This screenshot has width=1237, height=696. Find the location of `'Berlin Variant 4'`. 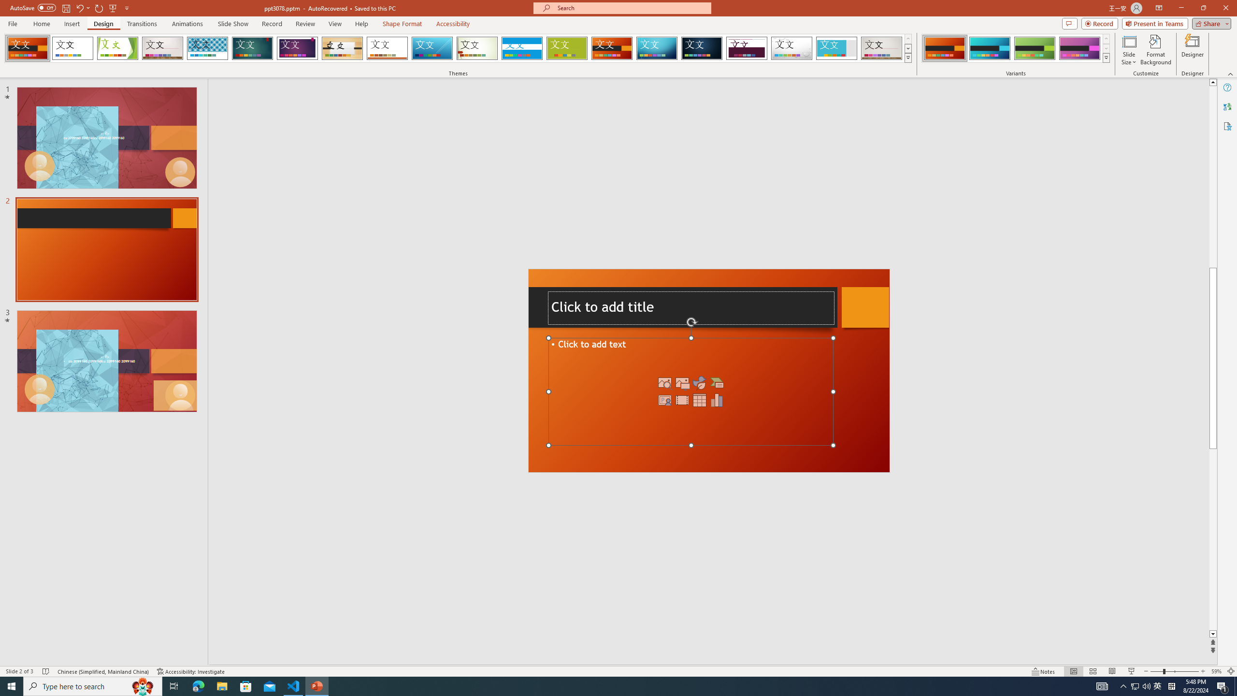

'Berlin Variant 4' is located at coordinates (1079, 48).